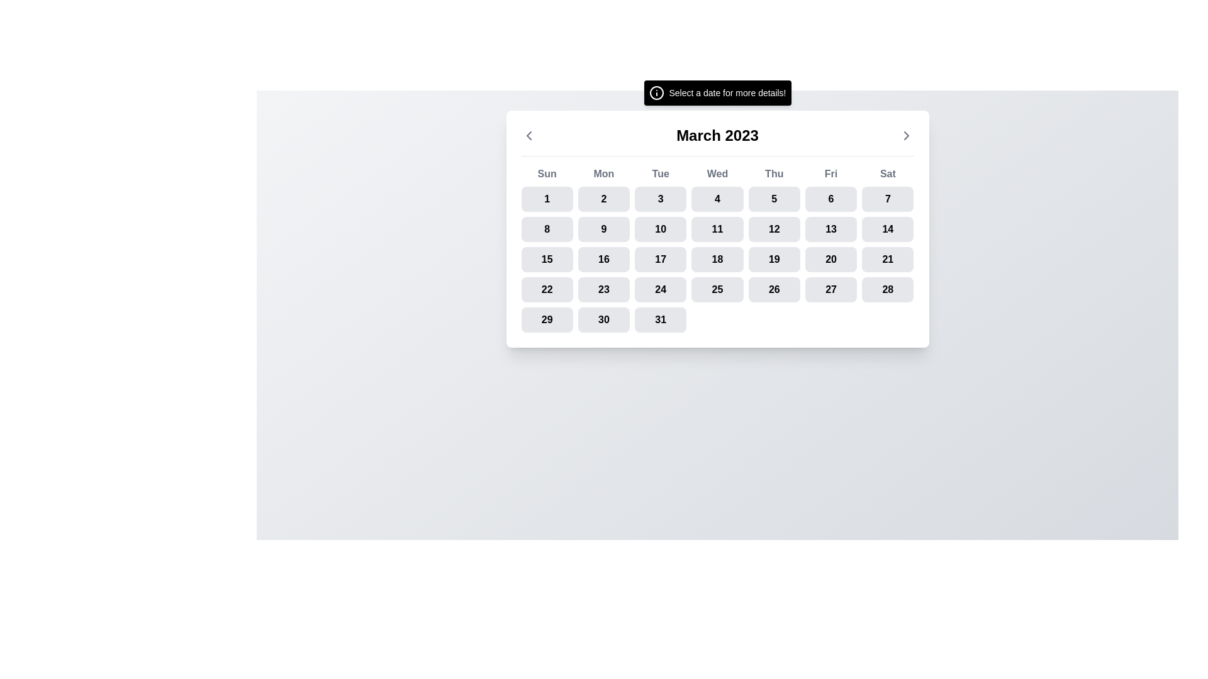 The width and height of the screenshot is (1208, 679). I want to click on the right-facing chevron icon located in the top-right corner of the calendar interface, so click(906, 136).